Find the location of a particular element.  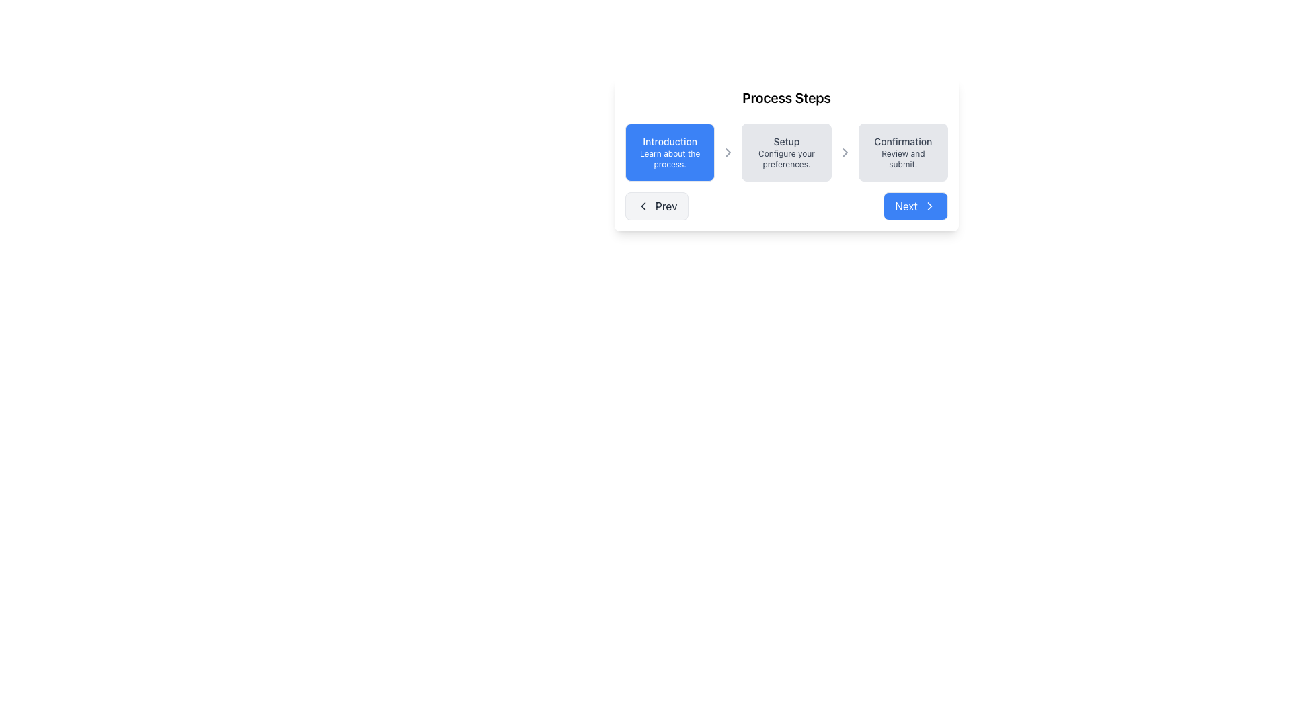

the right-pointing chevron icon indicating navigation between the 'Introduction' and 'Setup' steps in the process navigator bar is located at coordinates (728, 152).